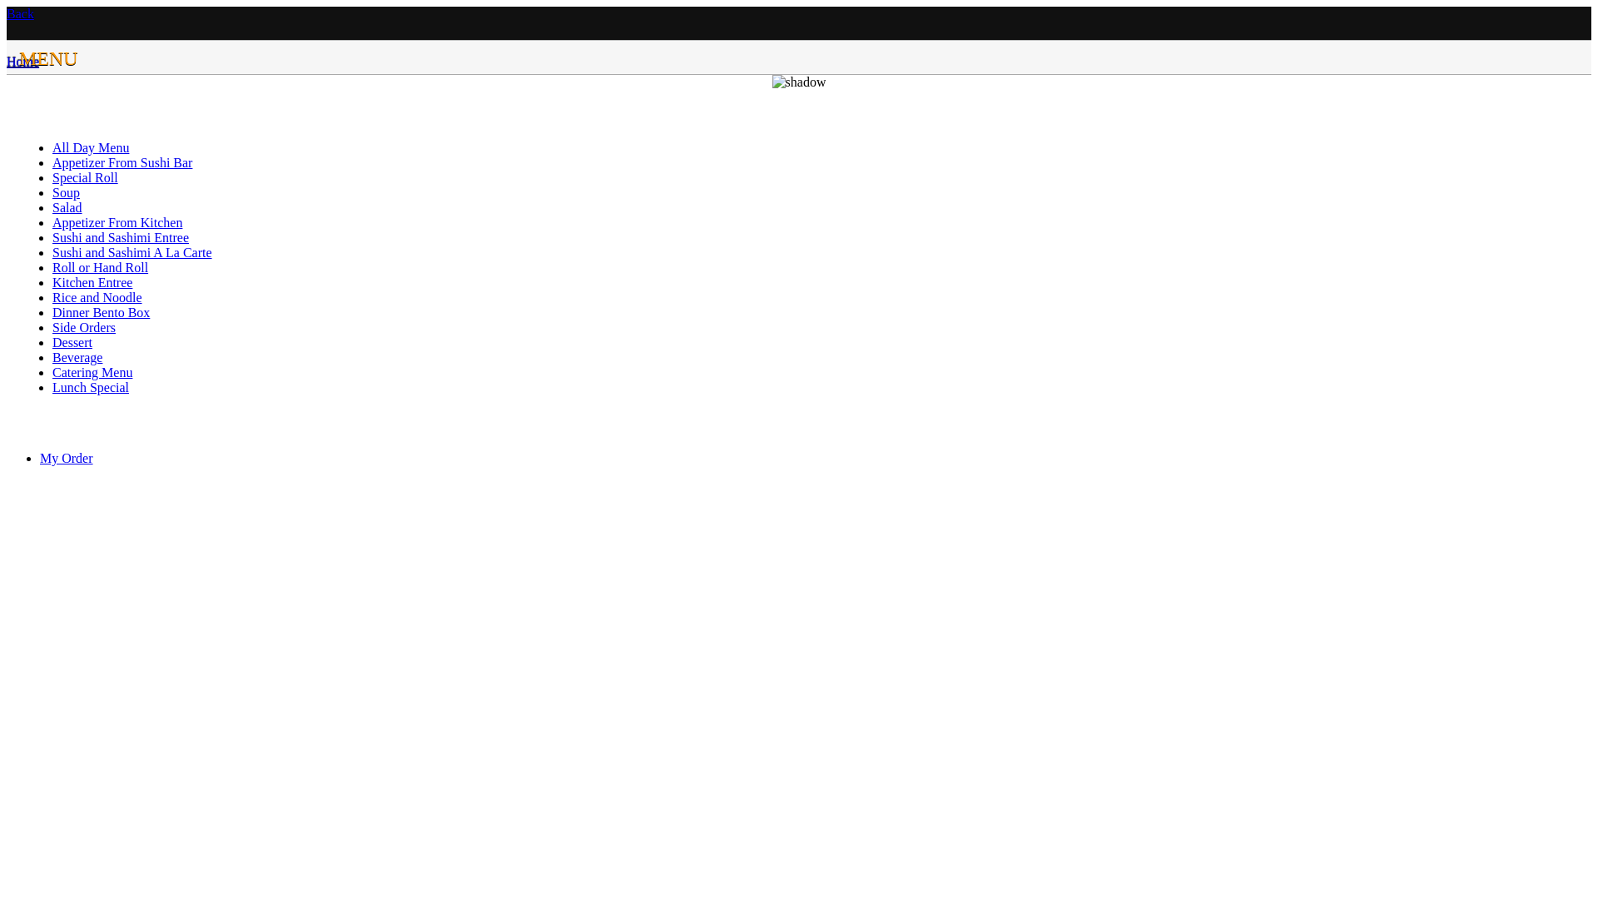 The height and width of the screenshot is (899, 1598). Describe the element at coordinates (91, 371) in the screenshot. I see `'Catering Menu'` at that location.